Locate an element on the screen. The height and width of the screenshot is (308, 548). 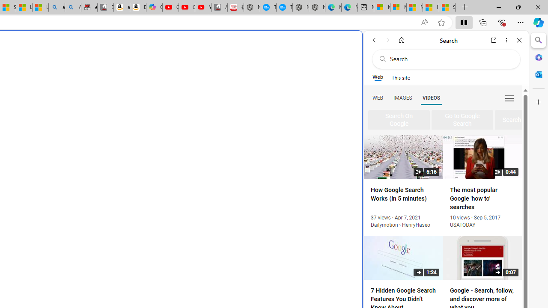
'Copilot' is located at coordinates (154, 7).